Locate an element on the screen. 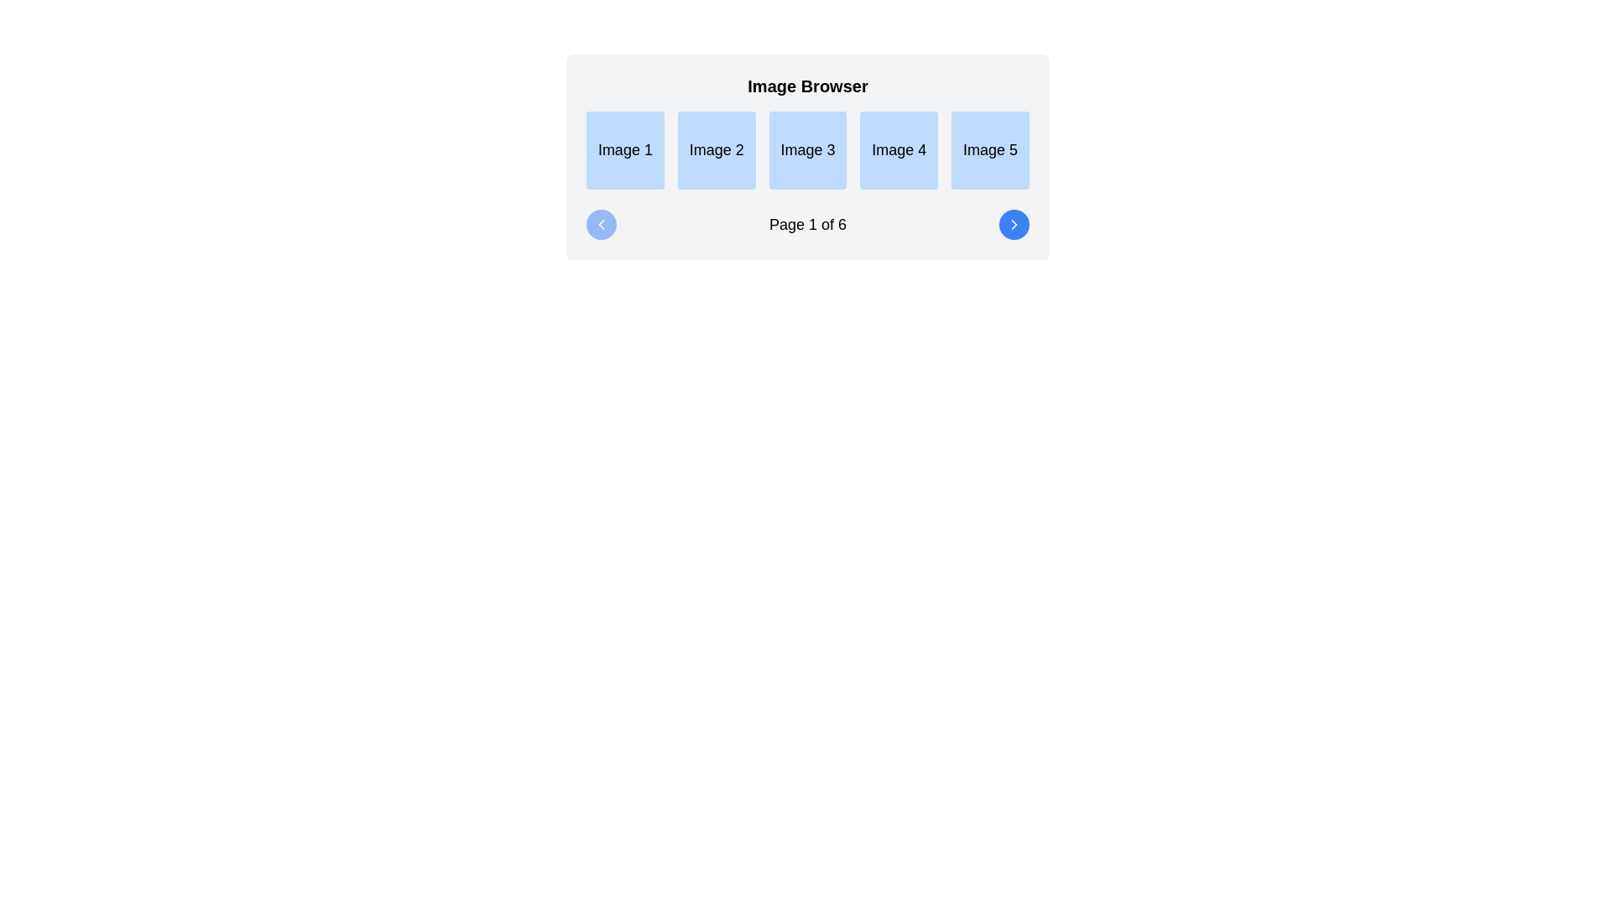 Image resolution: width=1611 pixels, height=906 pixels. the light blue button labeled 'Image 1', which is the leftmost item in a row of five boxes is located at coordinates (624, 149).